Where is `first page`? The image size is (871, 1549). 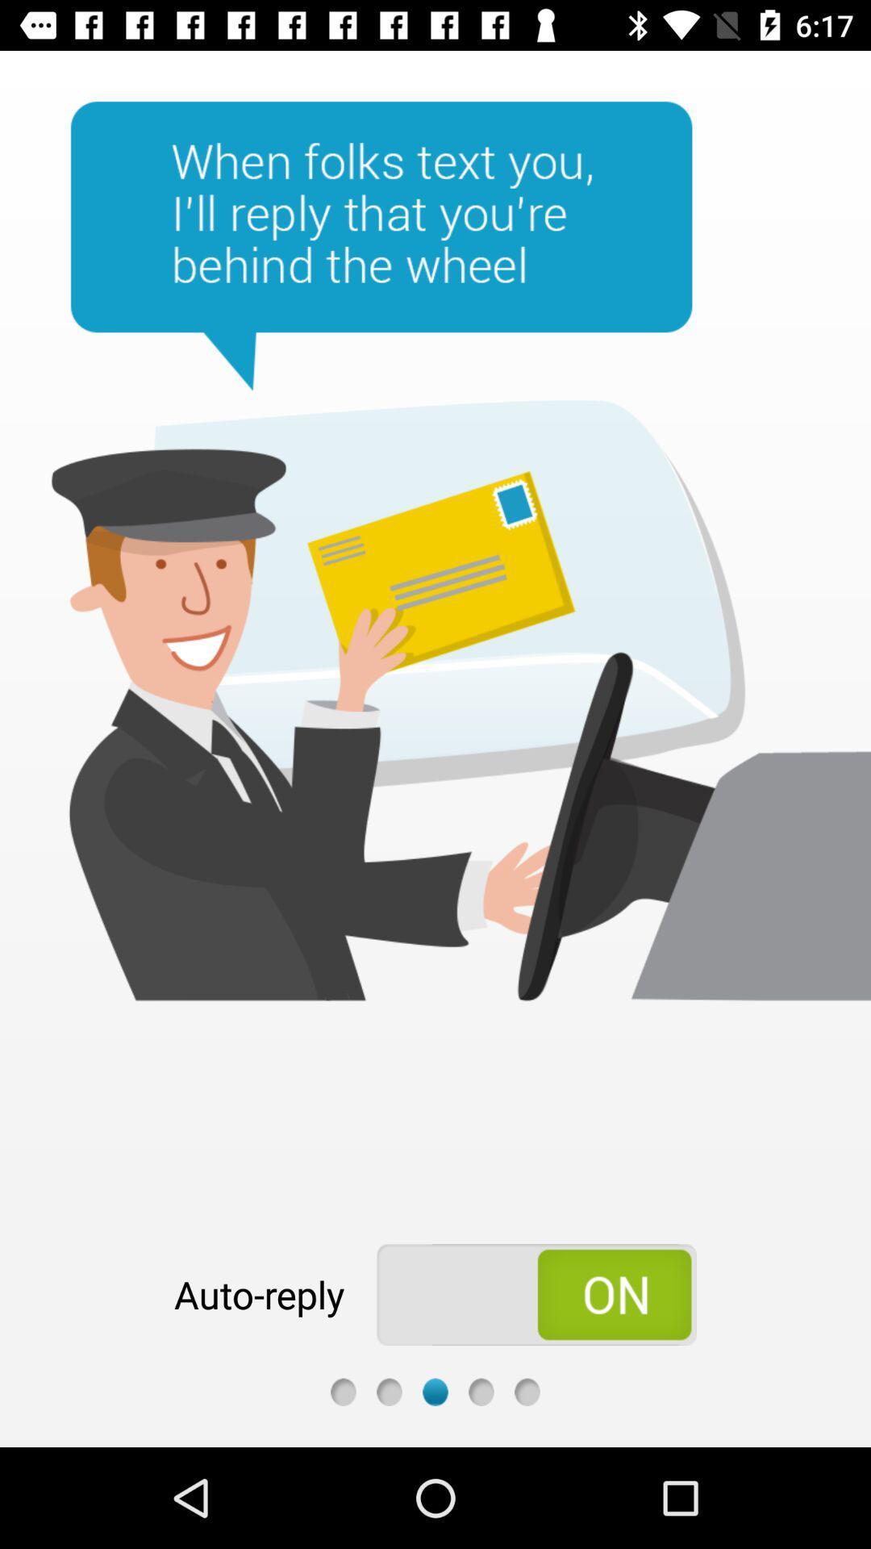 first page is located at coordinates (342, 1391).